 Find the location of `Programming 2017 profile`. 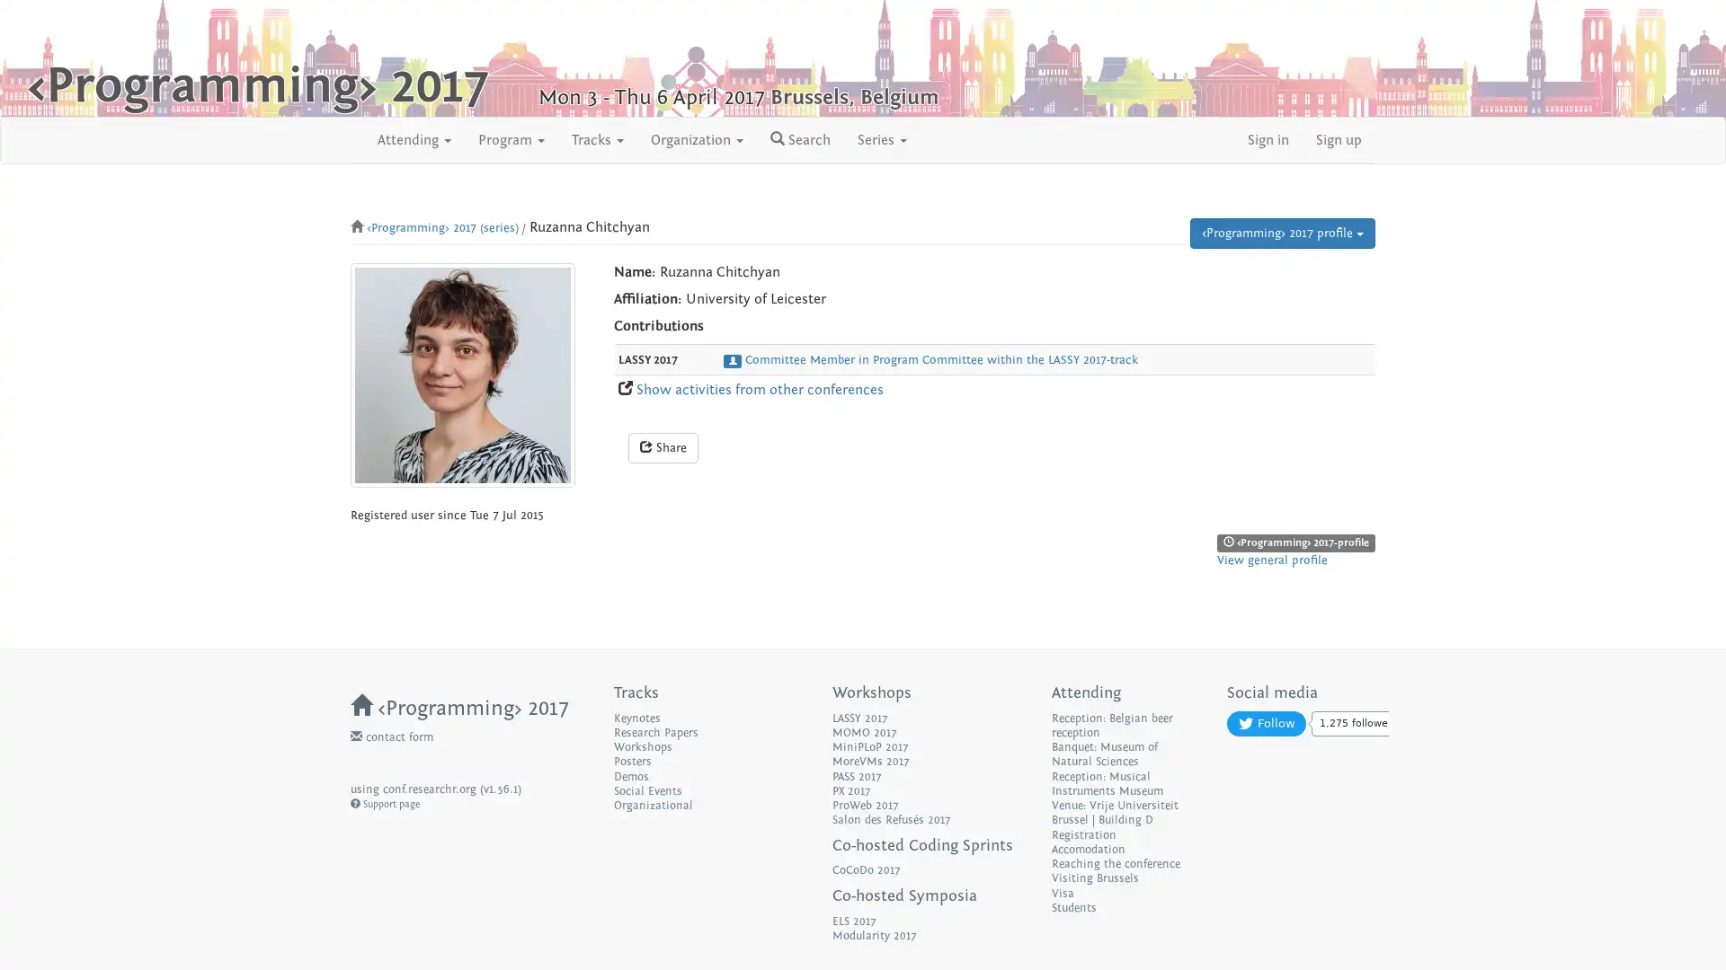

Programming 2017 profile is located at coordinates (1281, 232).